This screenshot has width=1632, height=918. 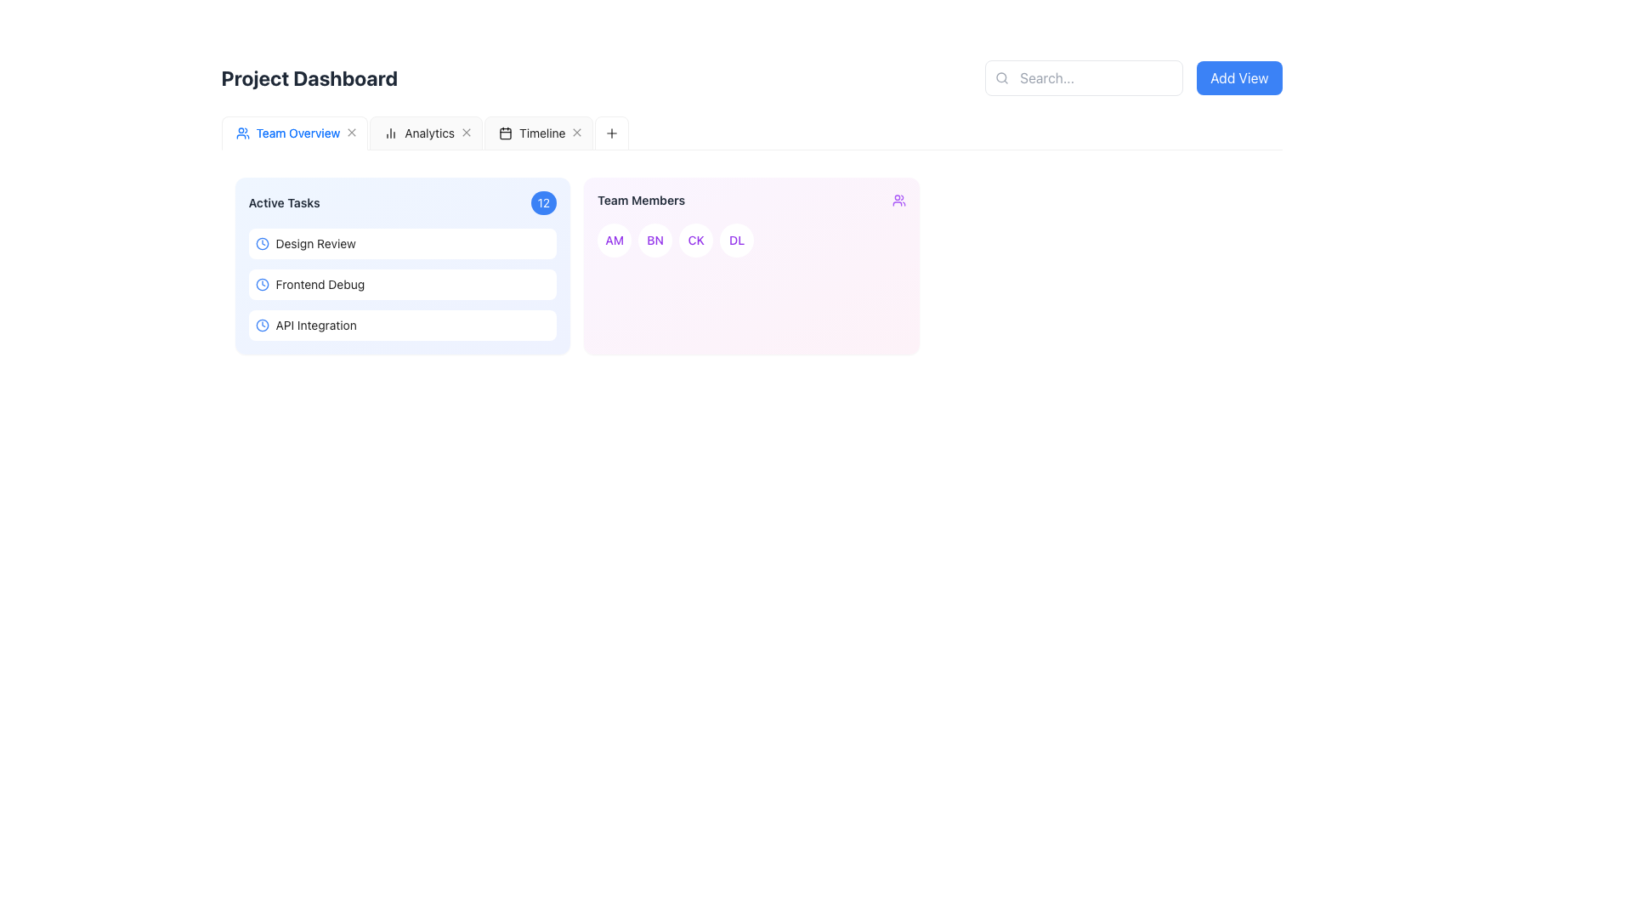 I want to click on the circular search icon element styled with a black stroke located in the upper-right corner of the interface, adjacent to the 'Add View' button, so click(x=1001, y=77).